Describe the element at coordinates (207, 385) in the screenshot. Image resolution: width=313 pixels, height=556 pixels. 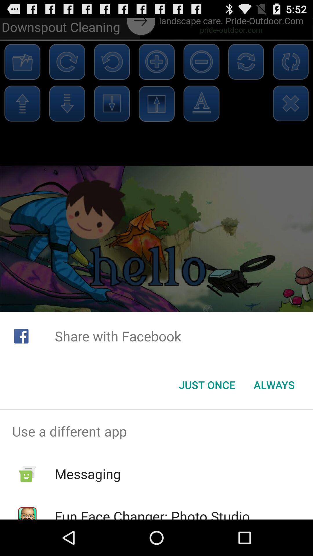
I see `the just once item` at that location.